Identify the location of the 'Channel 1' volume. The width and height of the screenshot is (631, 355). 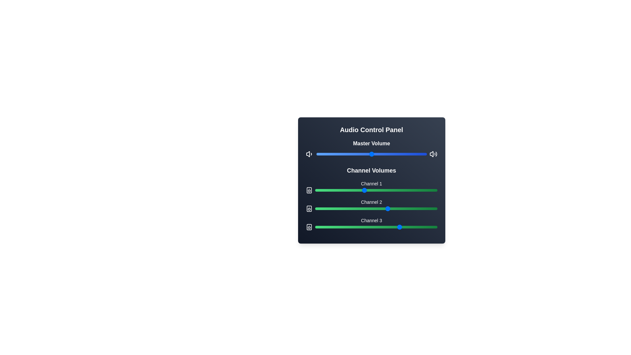
(327, 190).